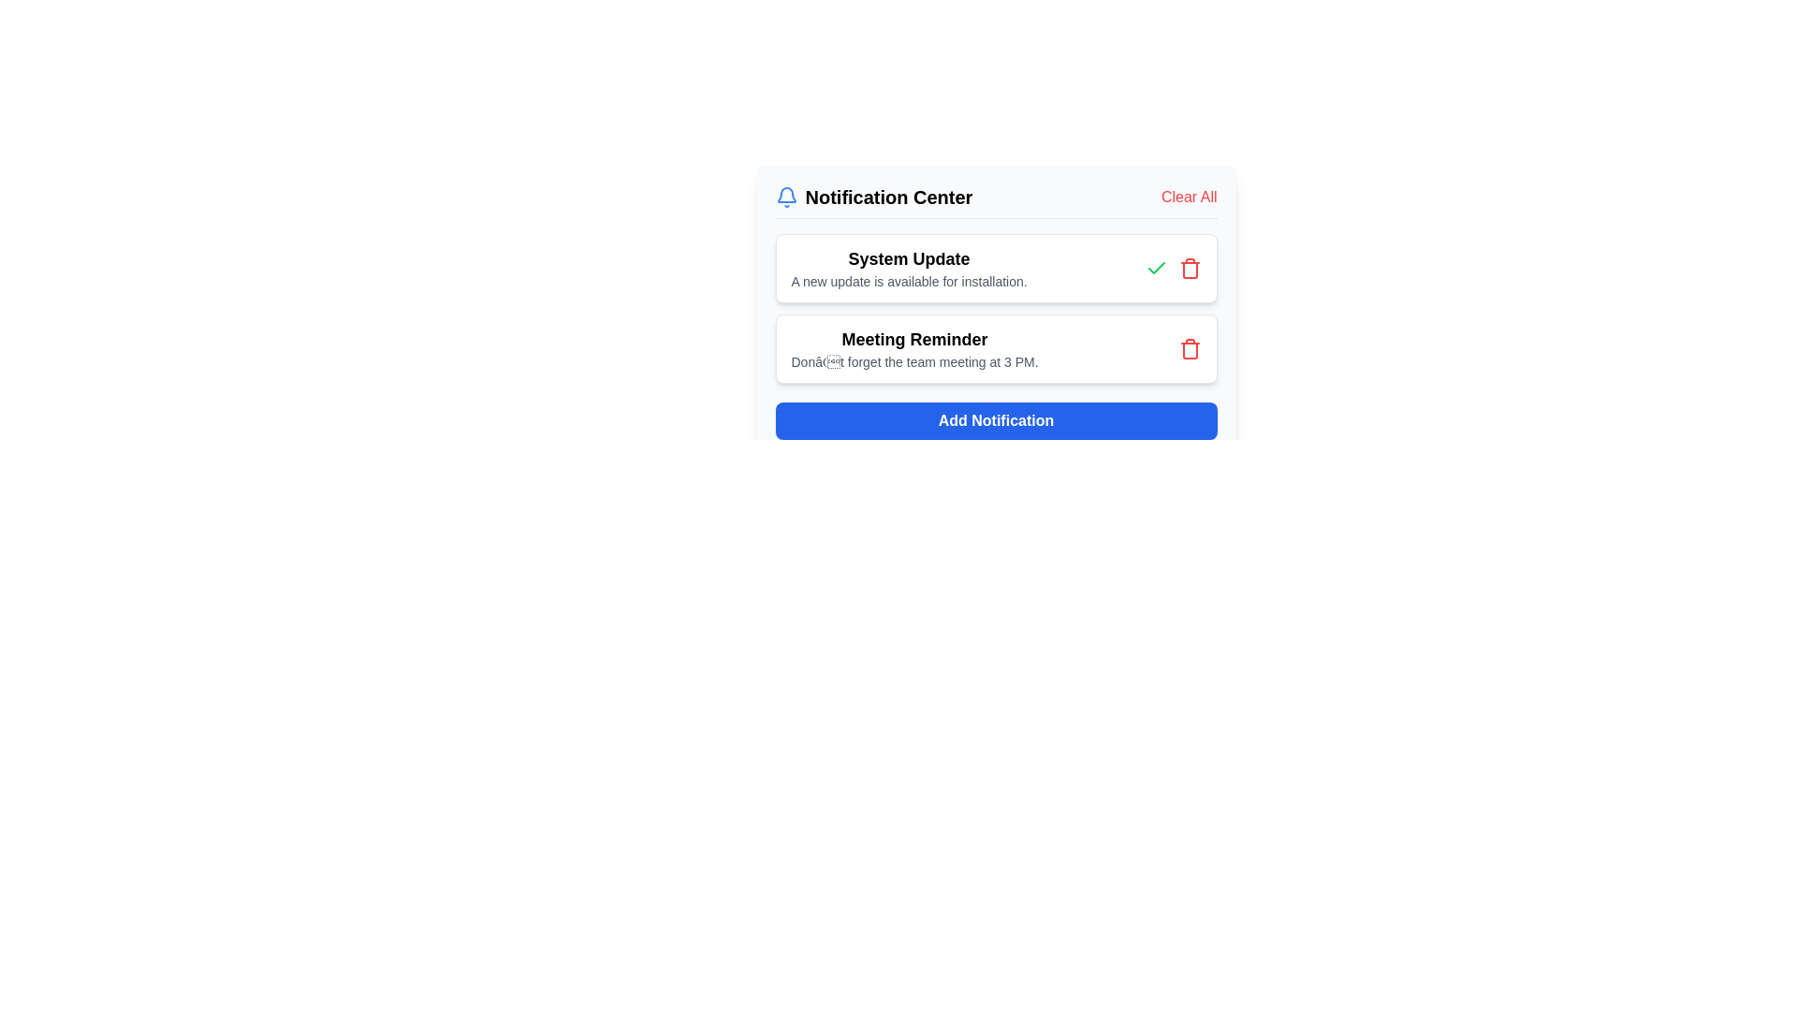 This screenshot has height=1011, width=1797. What do you see at coordinates (786, 198) in the screenshot?
I see `the bell icon located in the top-left corner of the 'Notification Center' section` at bounding box center [786, 198].